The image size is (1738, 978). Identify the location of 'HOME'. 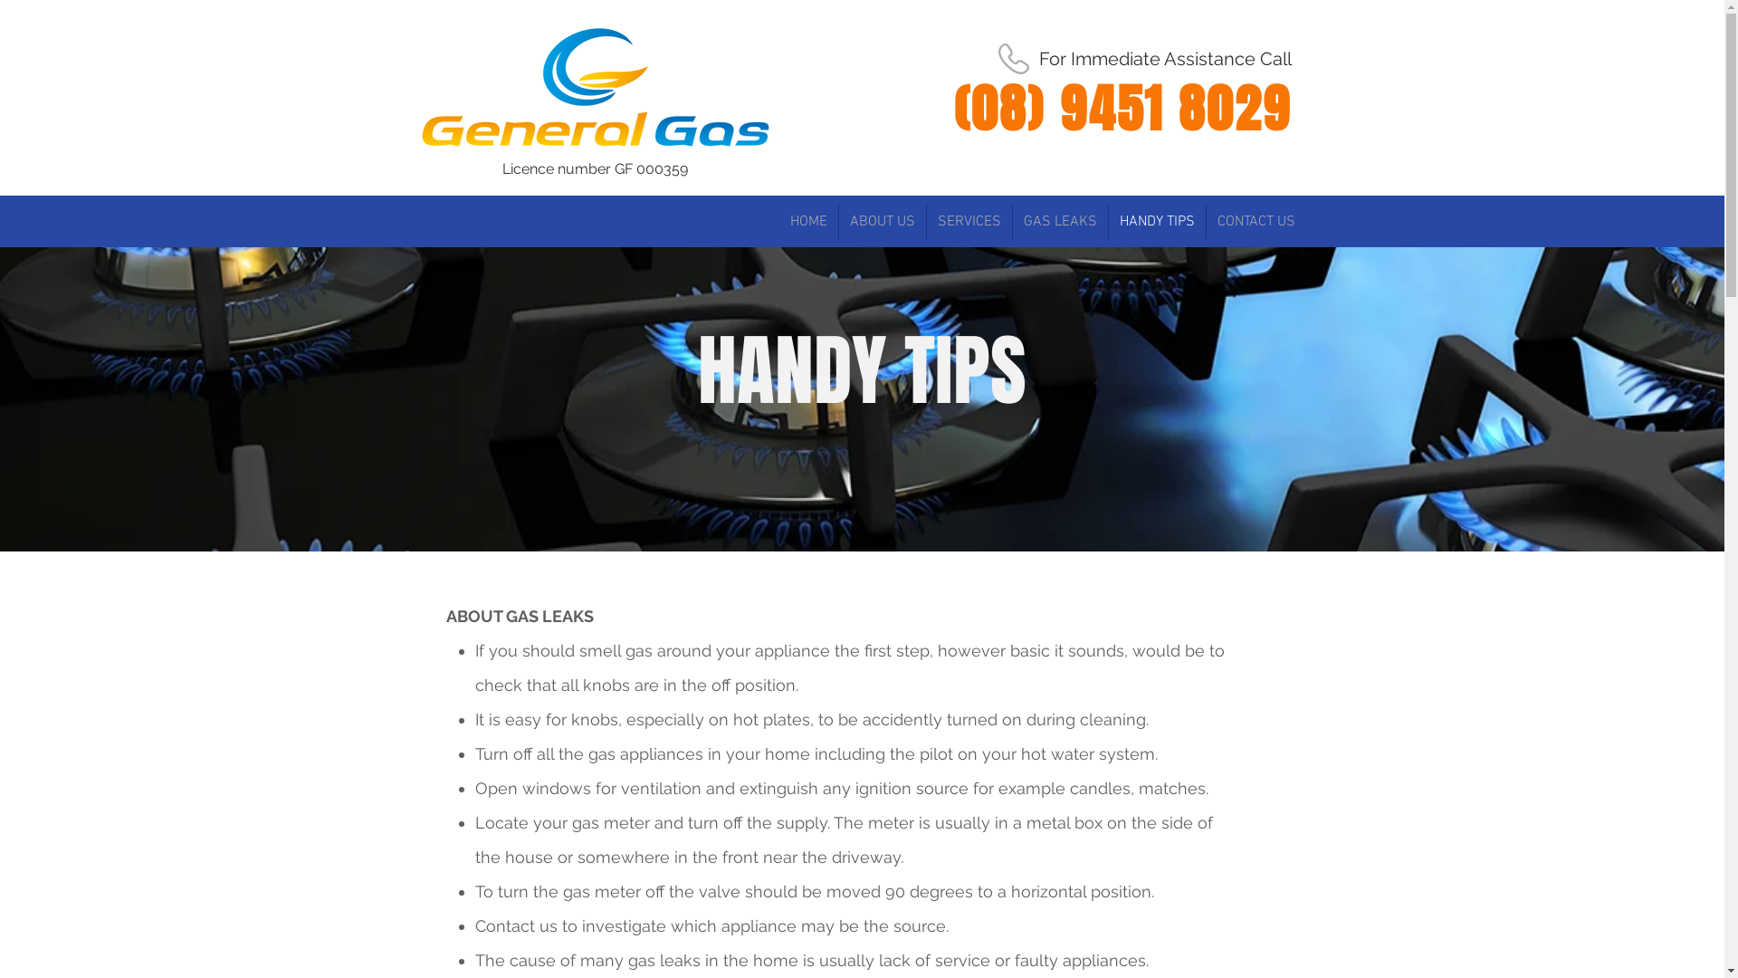
(807, 221).